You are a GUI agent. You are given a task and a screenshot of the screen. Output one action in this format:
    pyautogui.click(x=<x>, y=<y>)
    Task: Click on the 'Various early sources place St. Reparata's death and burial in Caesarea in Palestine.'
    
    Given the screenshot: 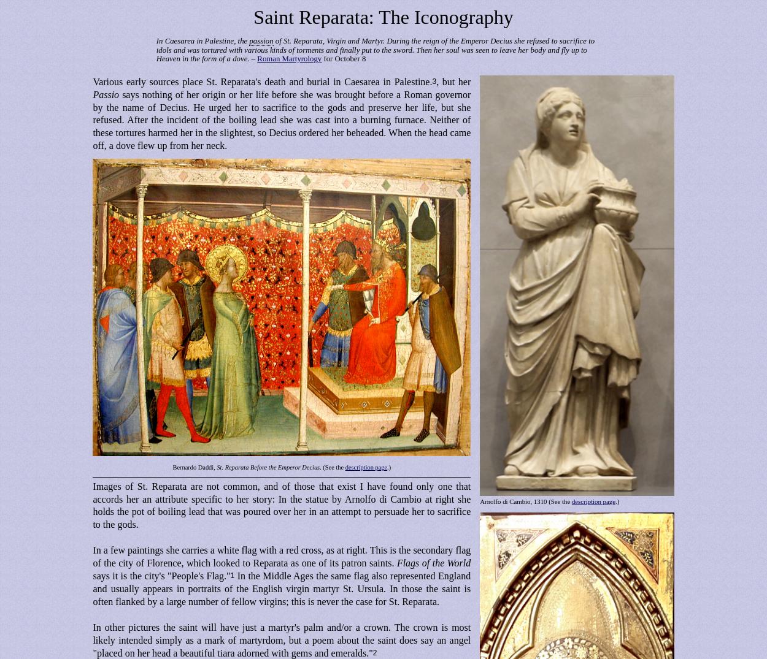 What is the action you would take?
    pyautogui.click(x=262, y=80)
    